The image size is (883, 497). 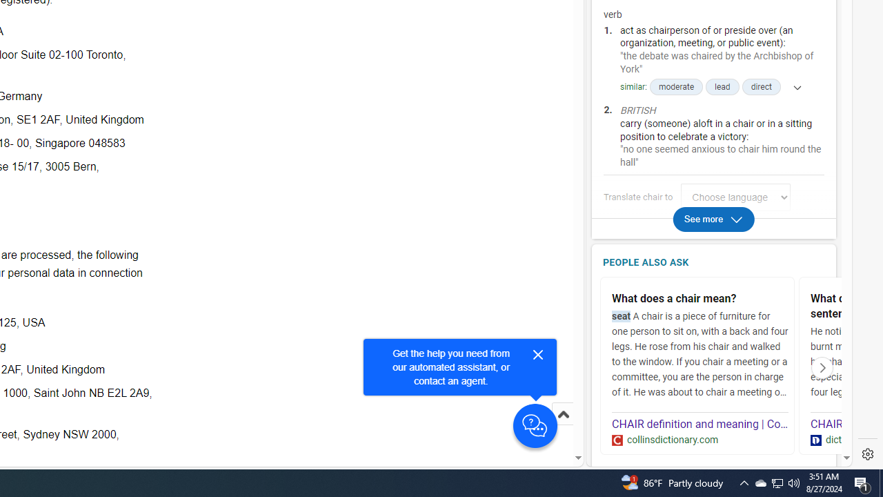 What do you see at coordinates (722, 87) in the screenshot?
I see `'lead'` at bounding box center [722, 87].